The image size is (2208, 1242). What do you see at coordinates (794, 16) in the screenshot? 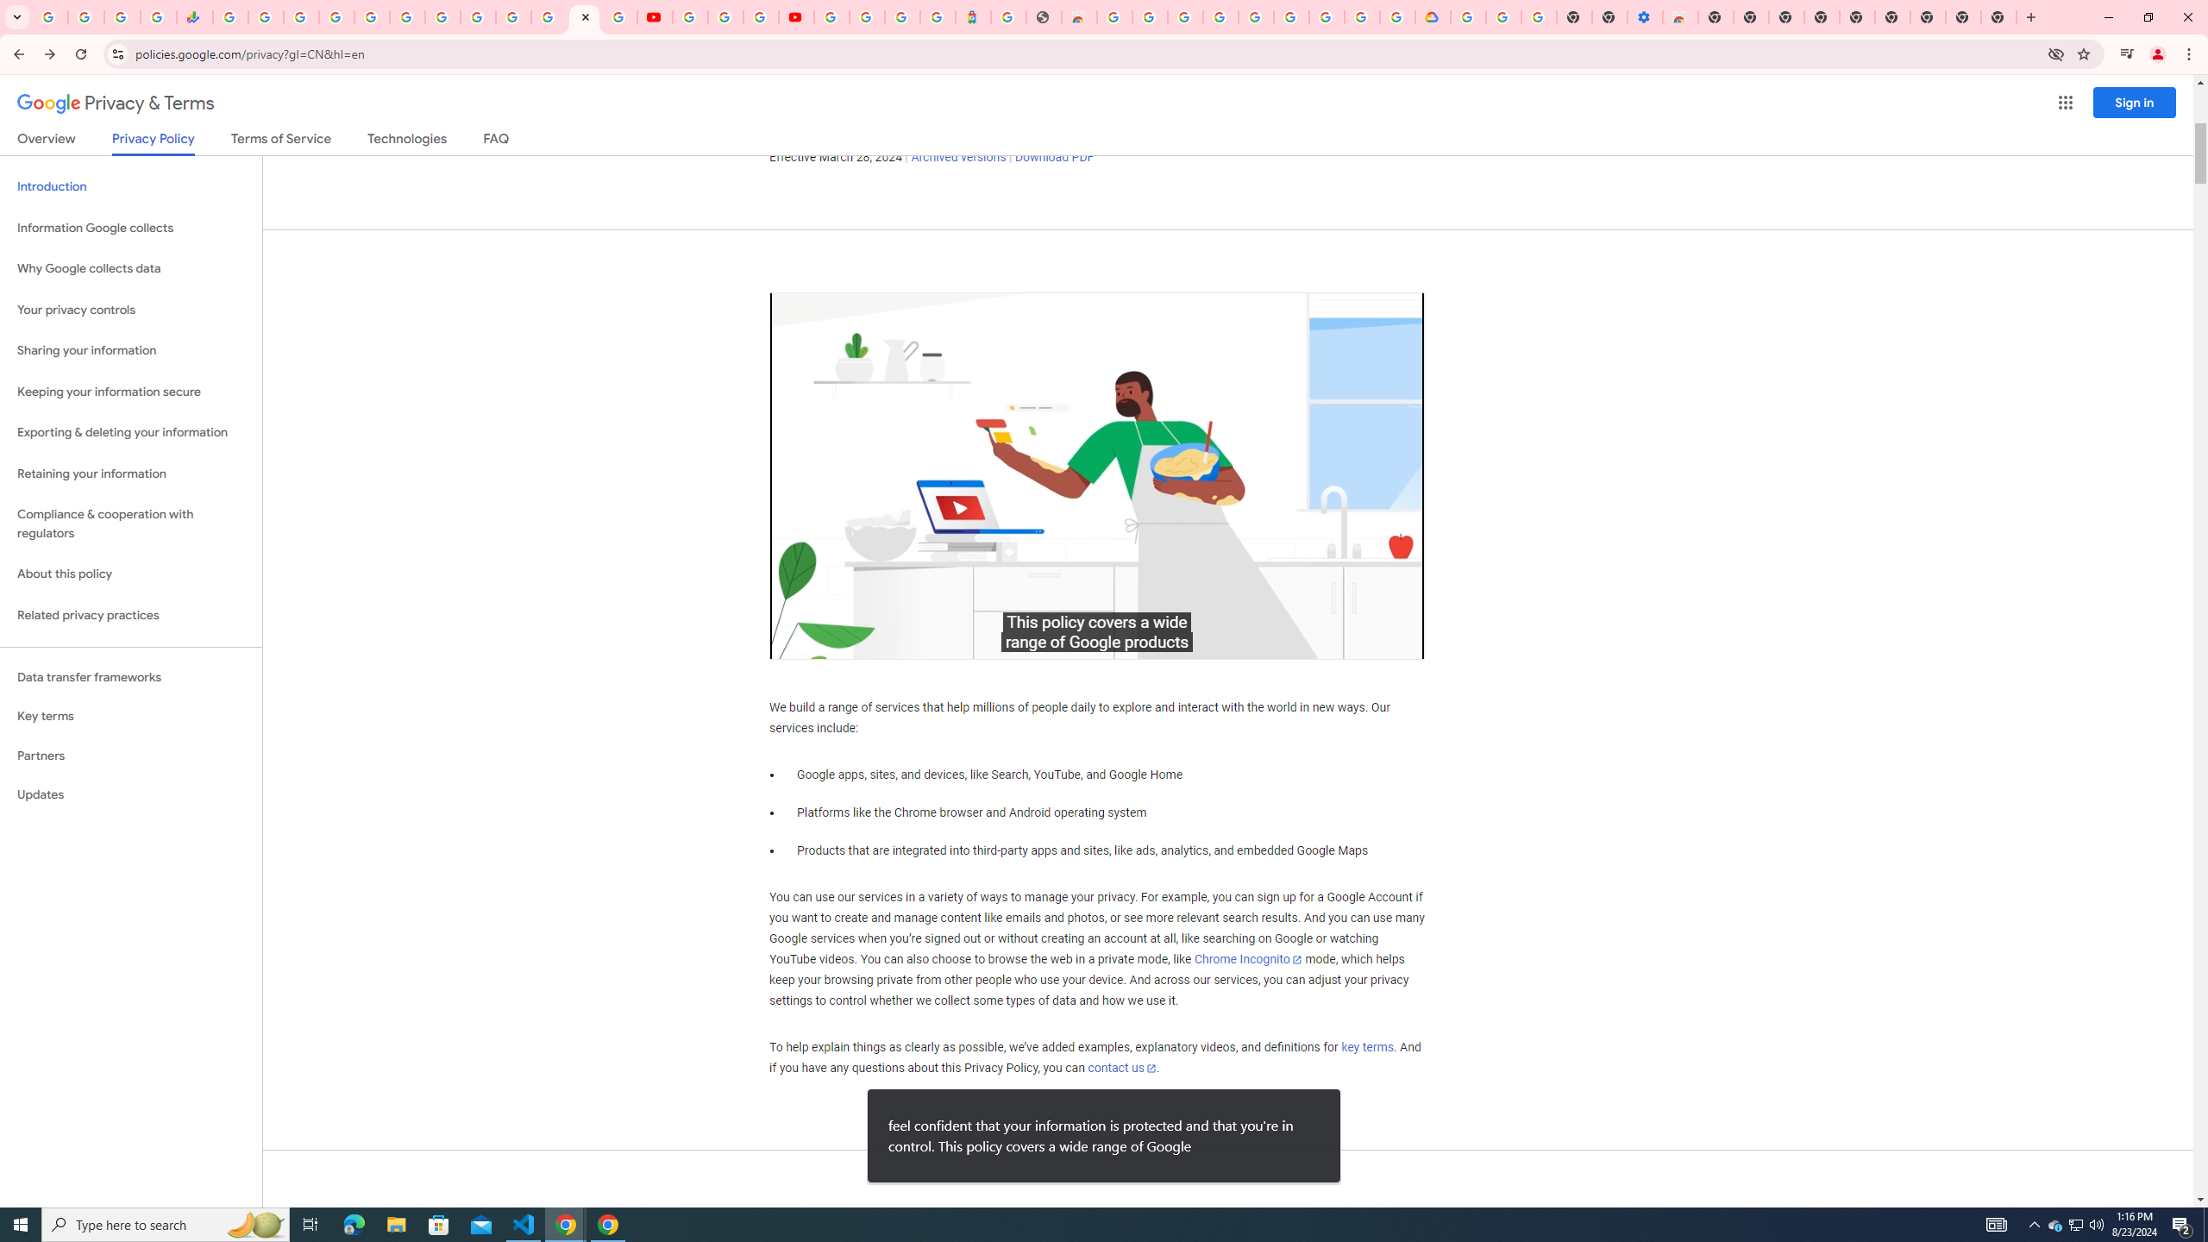
I see `'Content Creator Programs & Opportunities - YouTube Creators'` at bounding box center [794, 16].